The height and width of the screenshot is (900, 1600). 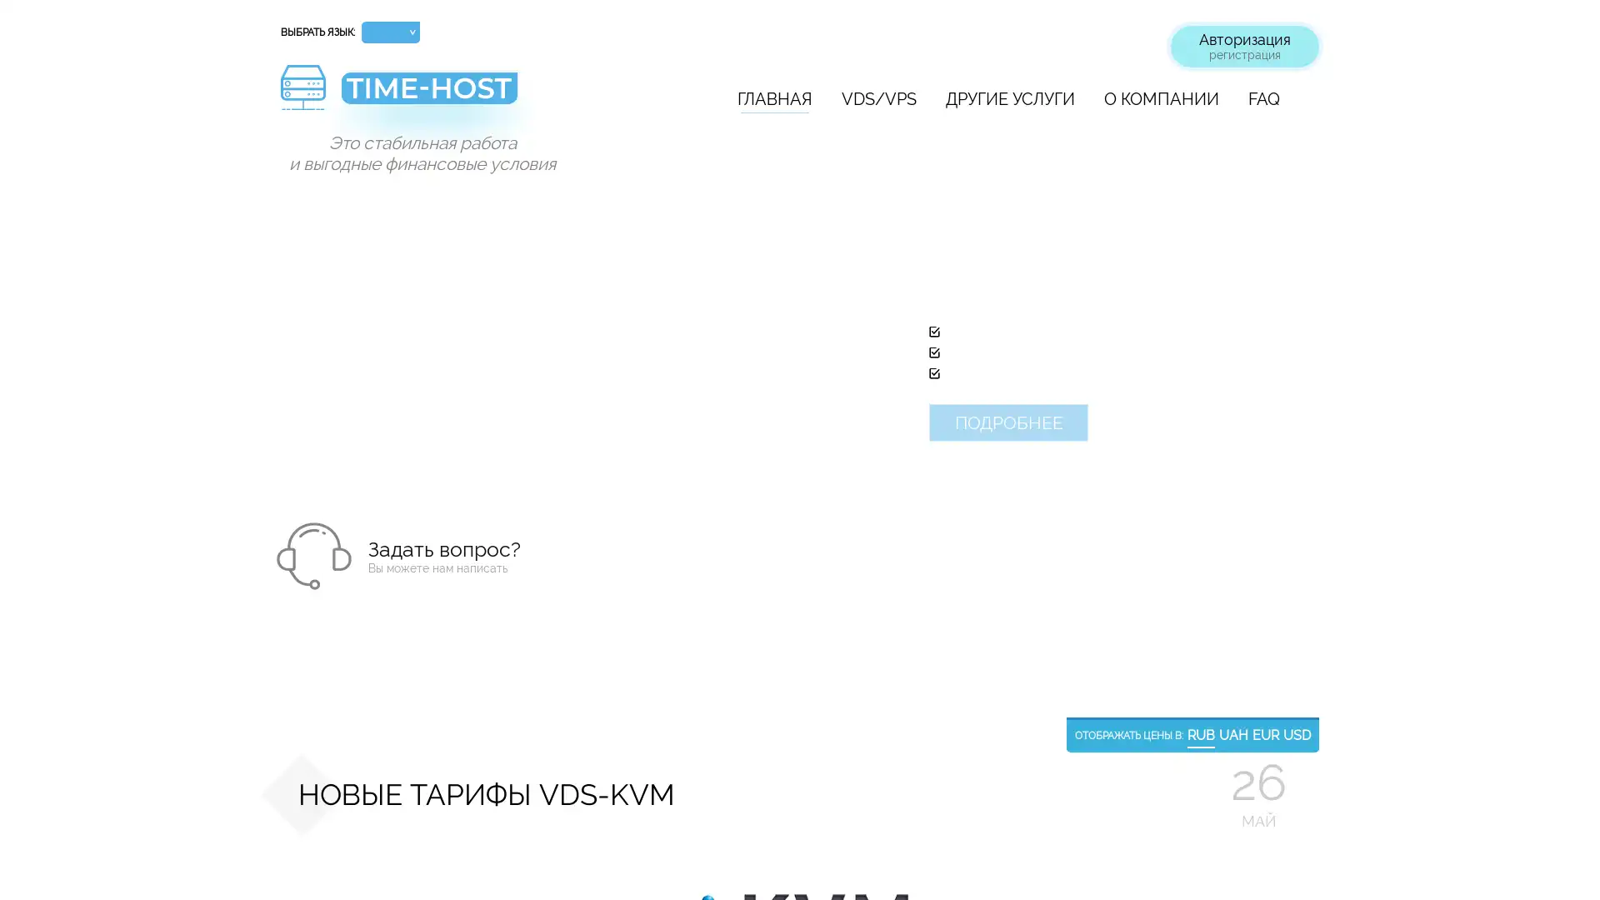 What do you see at coordinates (390, 204) in the screenshot?
I see `zh CN` at bounding box center [390, 204].